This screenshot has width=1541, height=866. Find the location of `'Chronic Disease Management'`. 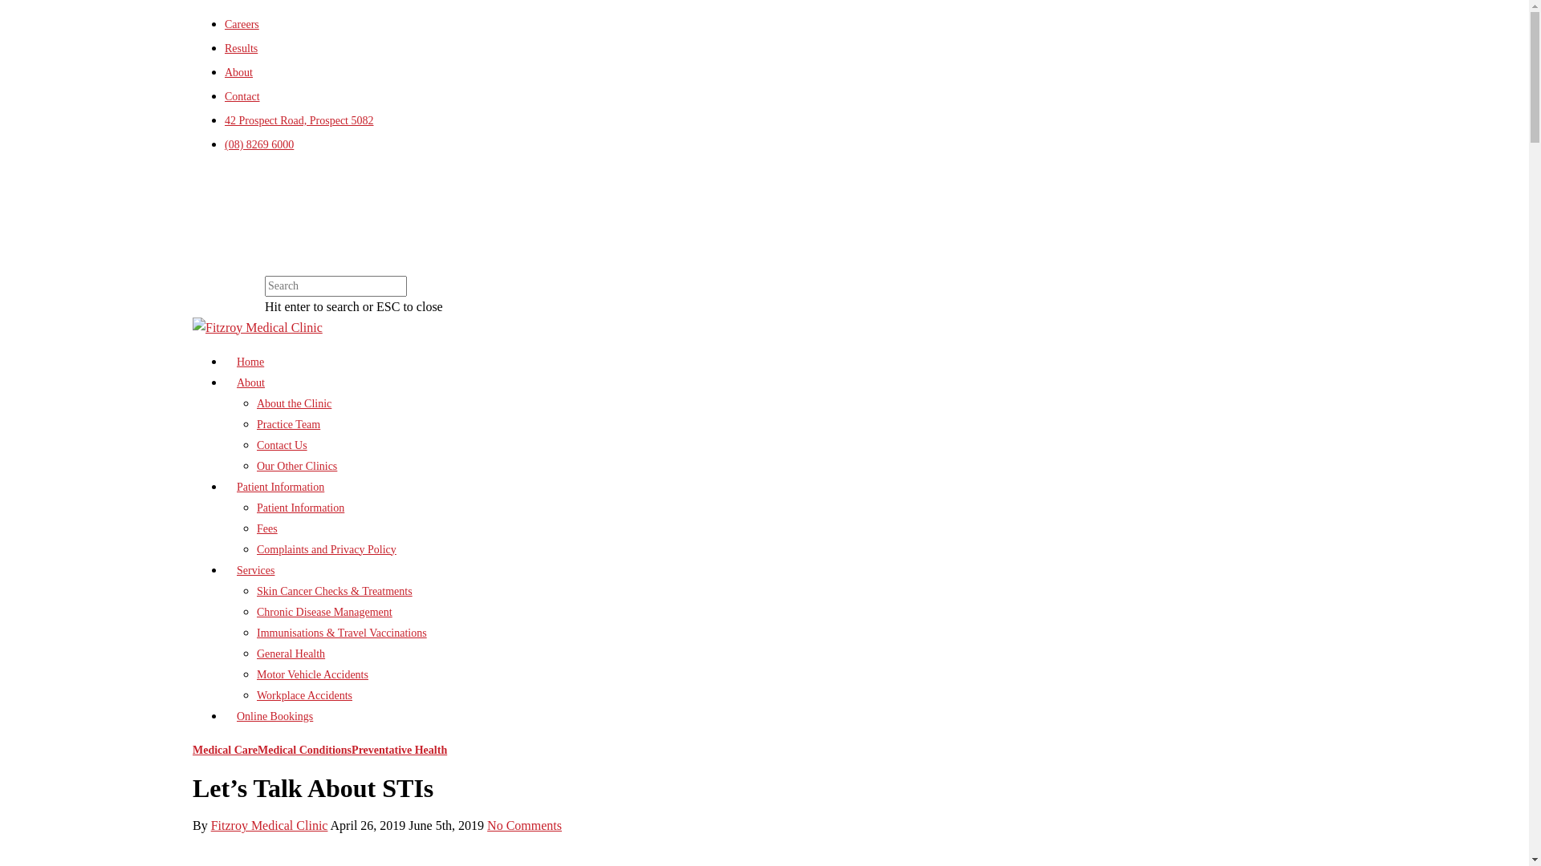

'Chronic Disease Management' is located at coordinates (323, 612).